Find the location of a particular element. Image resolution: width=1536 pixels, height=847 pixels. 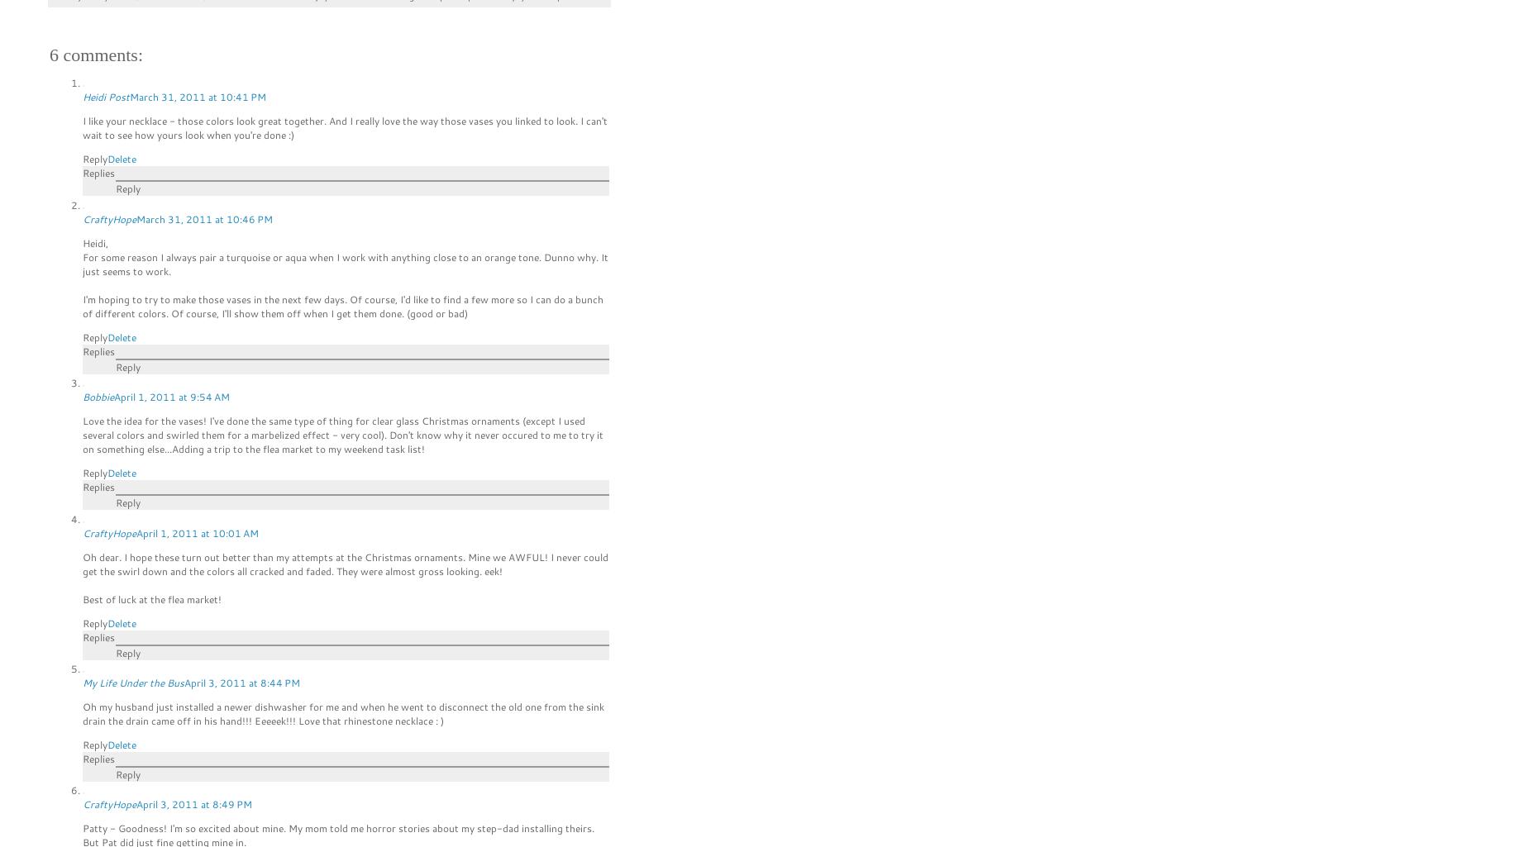

'I like your necklace - those colors look great together. And I really love the way those vases you linked to look. I can't wait to see how yours look when you're done :)' is located at coordinates (344, 126).